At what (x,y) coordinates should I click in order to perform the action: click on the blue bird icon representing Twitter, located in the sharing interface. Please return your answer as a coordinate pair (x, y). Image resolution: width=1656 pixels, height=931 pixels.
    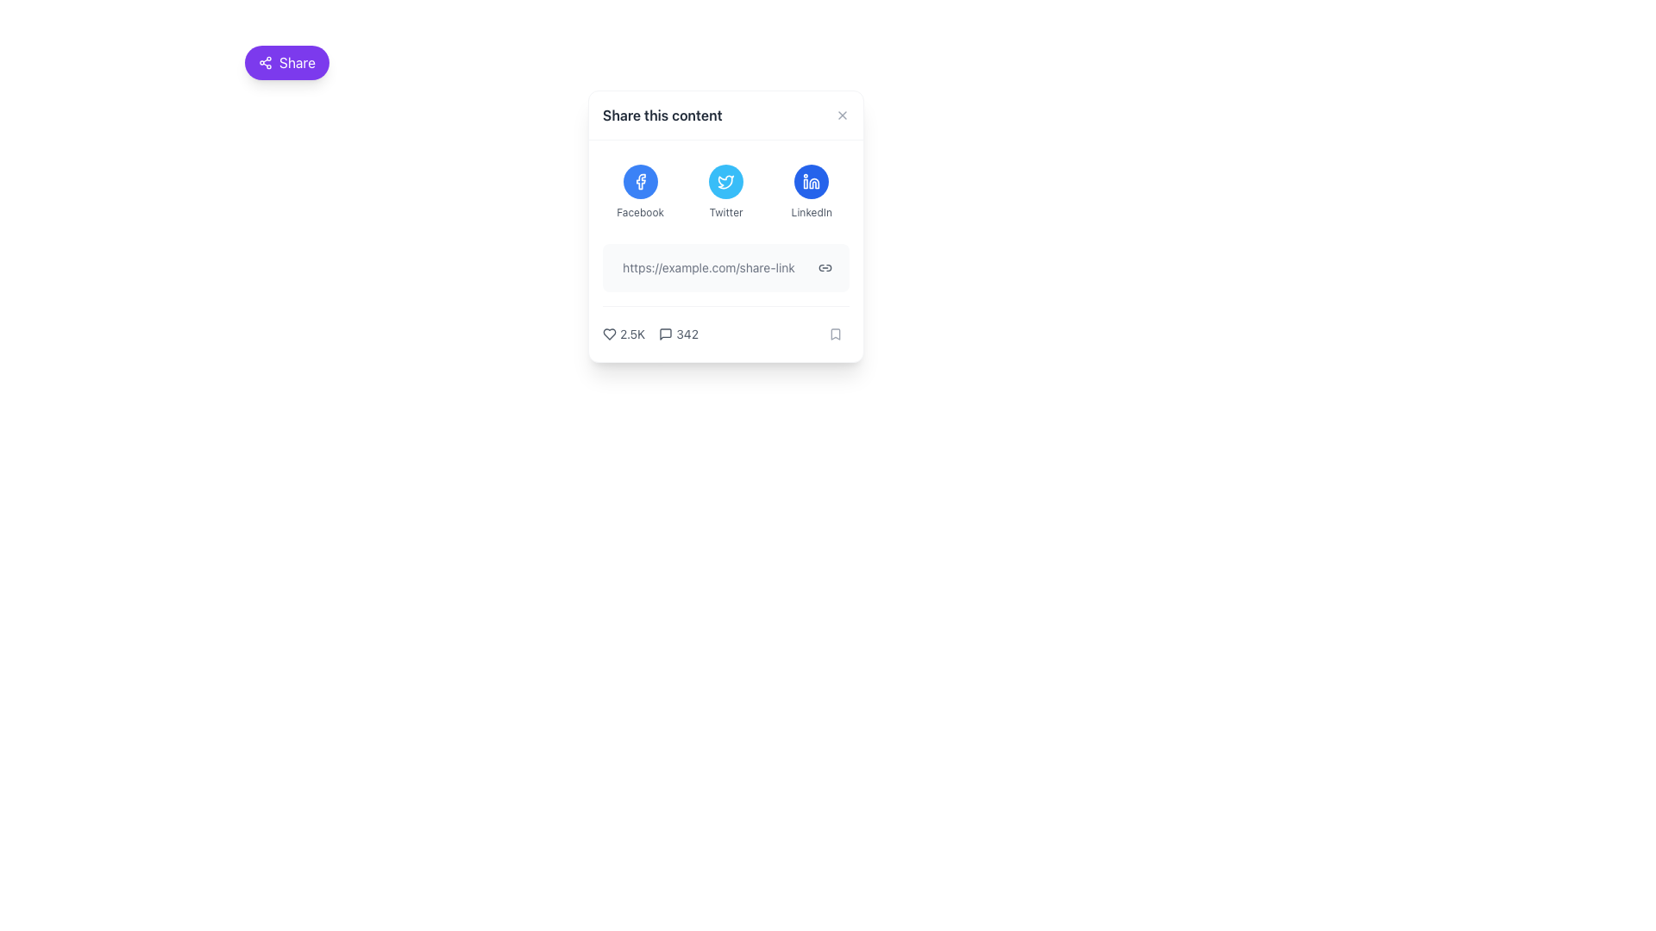
    Looking at the image, I should click on (725, 182).